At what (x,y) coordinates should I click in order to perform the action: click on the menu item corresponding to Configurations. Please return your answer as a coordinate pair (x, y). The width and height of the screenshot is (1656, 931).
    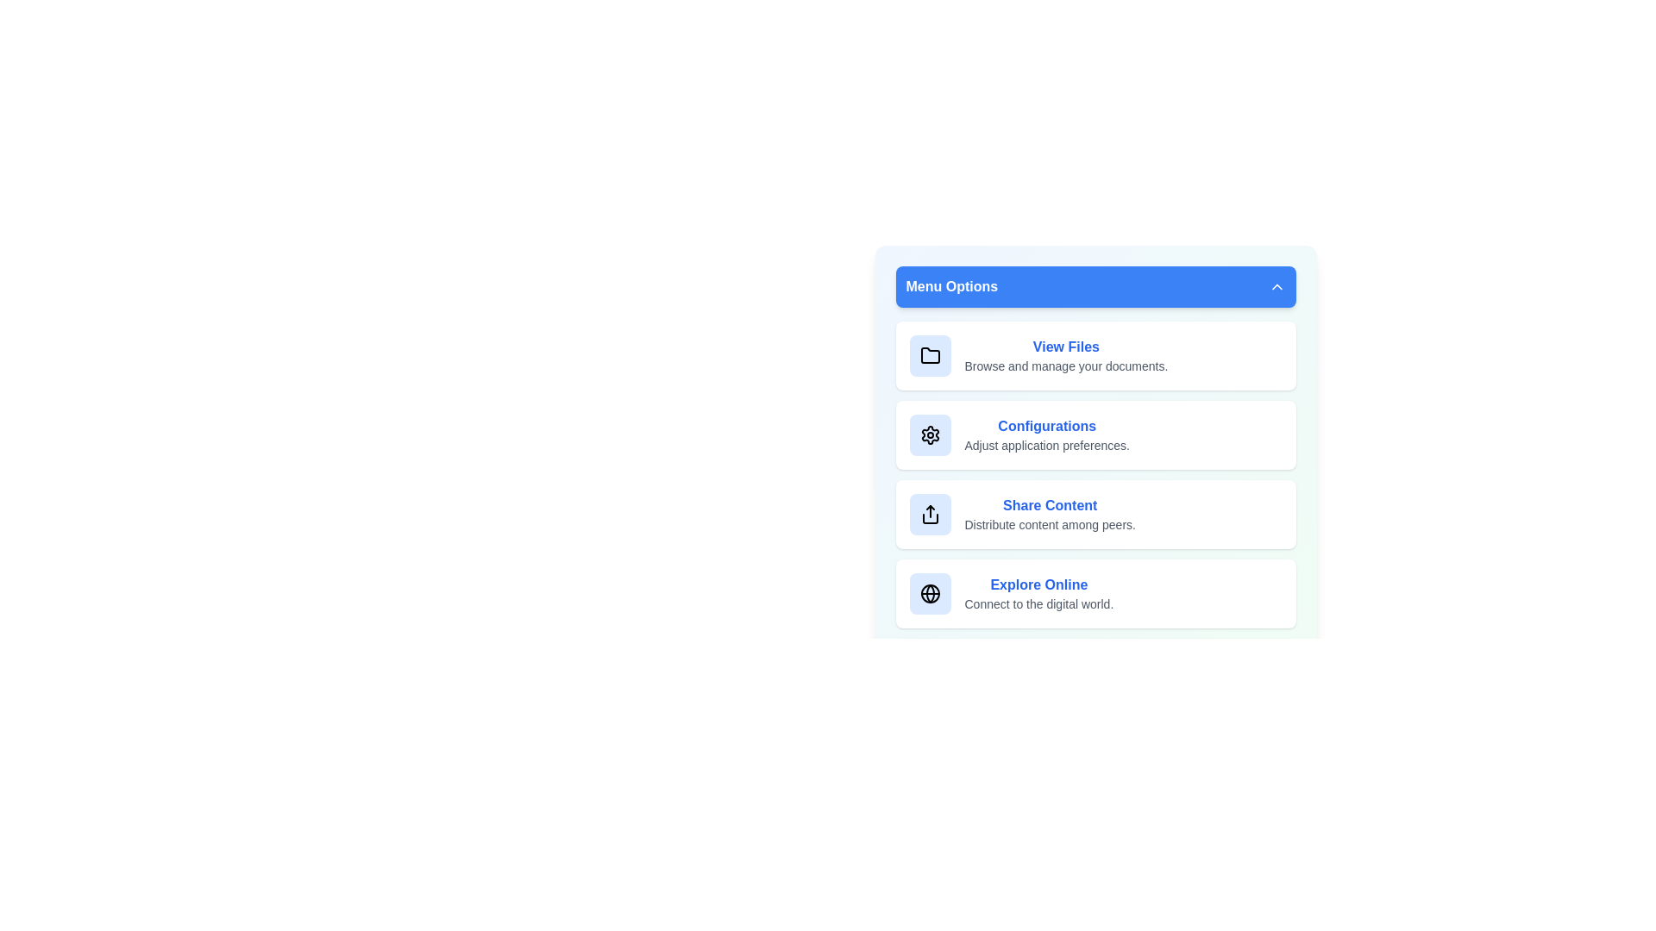
    Looking at the image, I should click on (1095, 434).